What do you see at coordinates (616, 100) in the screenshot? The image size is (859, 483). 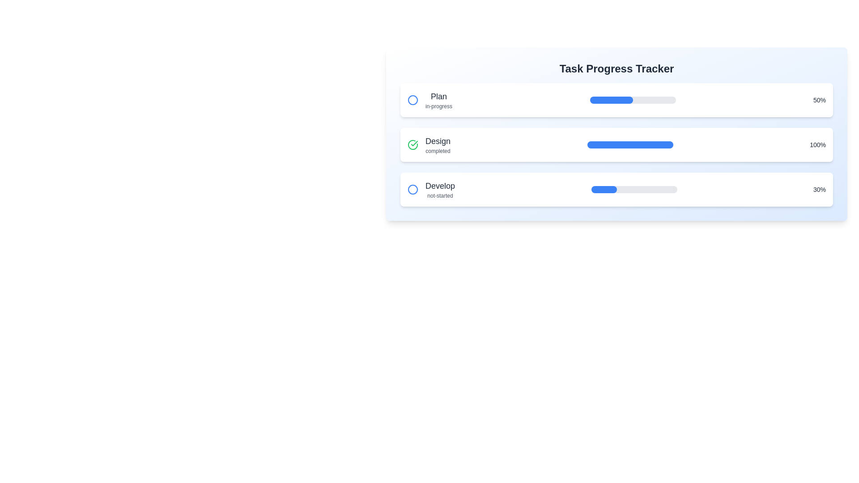 I see `displayed information from the 'Plan' section with progress indicator, which shows a circular icon, bold text 'Plan', subtitle 'in-progress', a horizontal progress bar at 50%, and the text '50%'` at bounding box center [616, 100].